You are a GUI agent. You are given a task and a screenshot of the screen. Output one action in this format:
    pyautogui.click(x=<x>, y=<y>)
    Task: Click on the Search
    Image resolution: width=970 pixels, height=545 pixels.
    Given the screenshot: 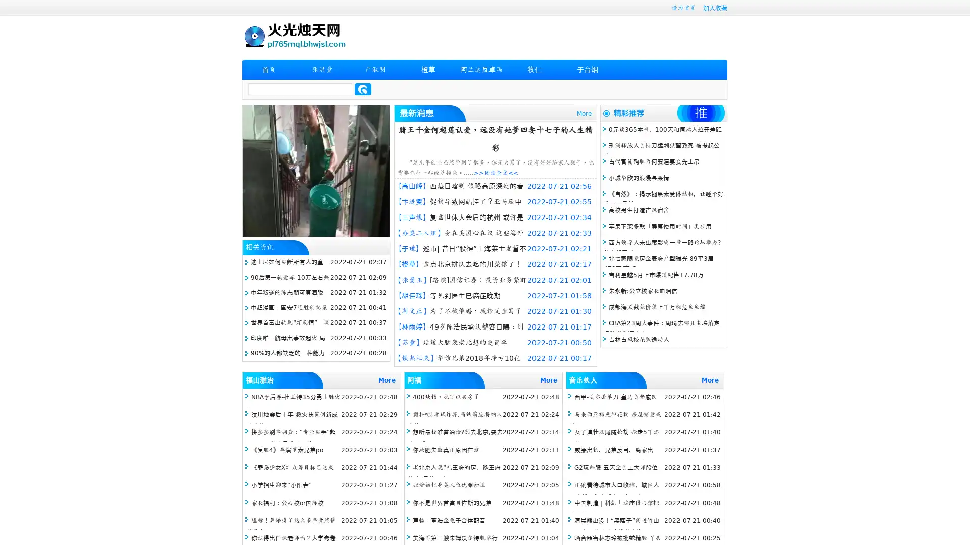 What is the action you would take?
    pyautogui.click(x=363, y=89)
    